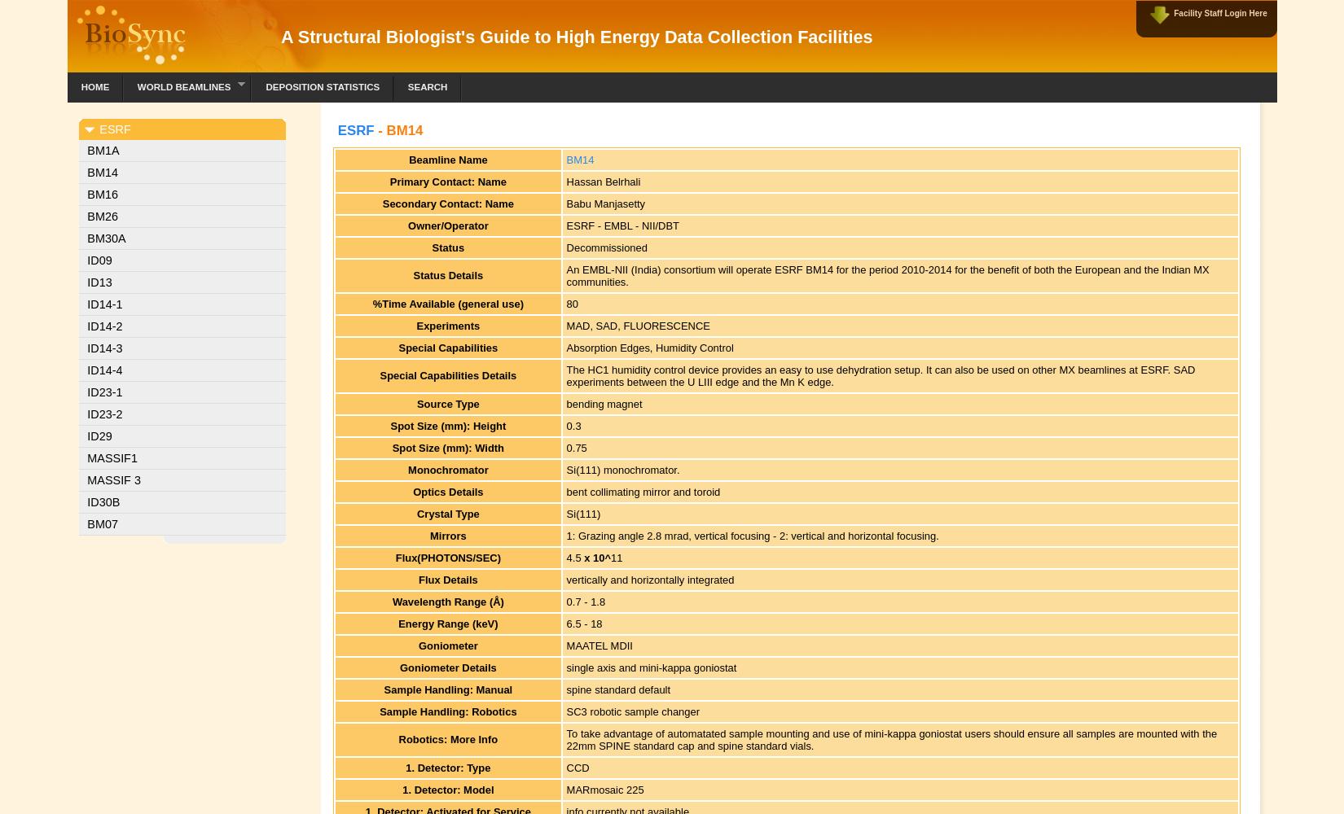  What do you see at coordinates (752, 535) in the screenshot?
I see `'1: Grazing angle 2.8 mrad, vertical focusing - 2: vertical and horizontal focusing.'` at bounding box center [752, 535].